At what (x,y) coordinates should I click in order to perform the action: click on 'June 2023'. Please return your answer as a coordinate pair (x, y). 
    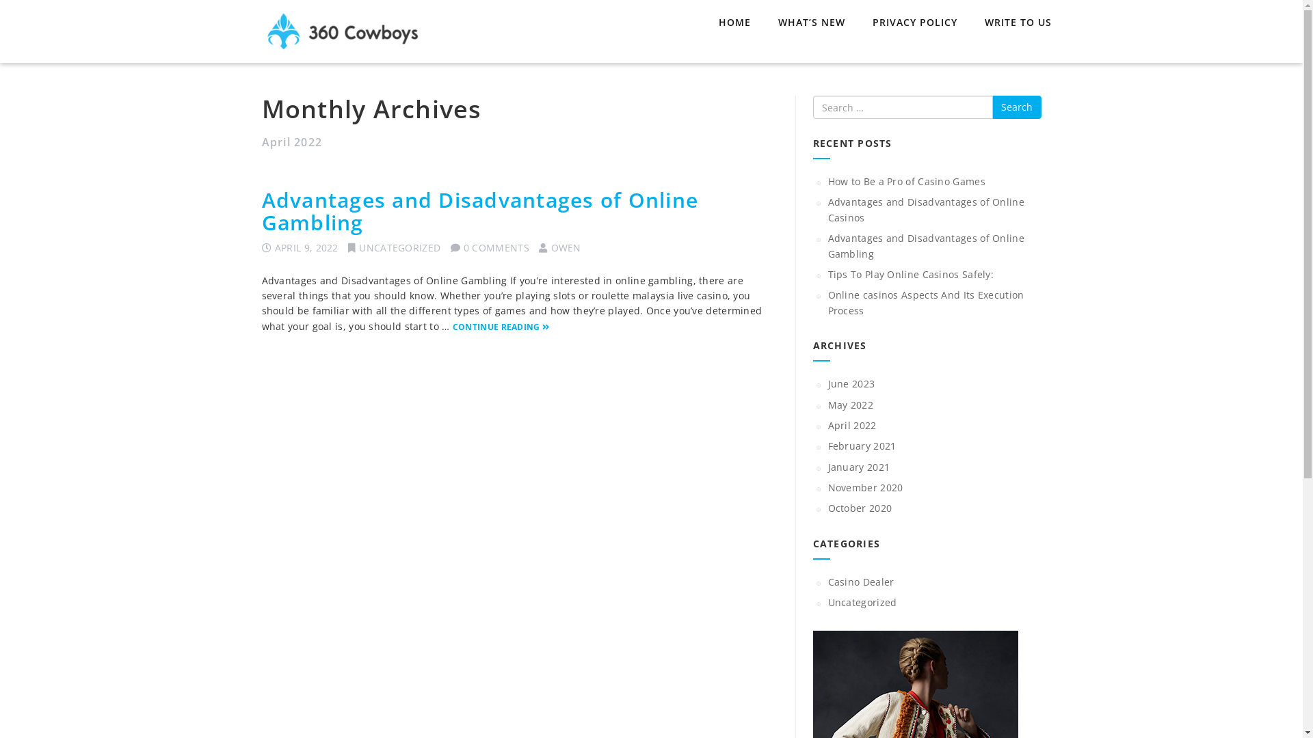
    Looking at the image, I should click on (850, 383).